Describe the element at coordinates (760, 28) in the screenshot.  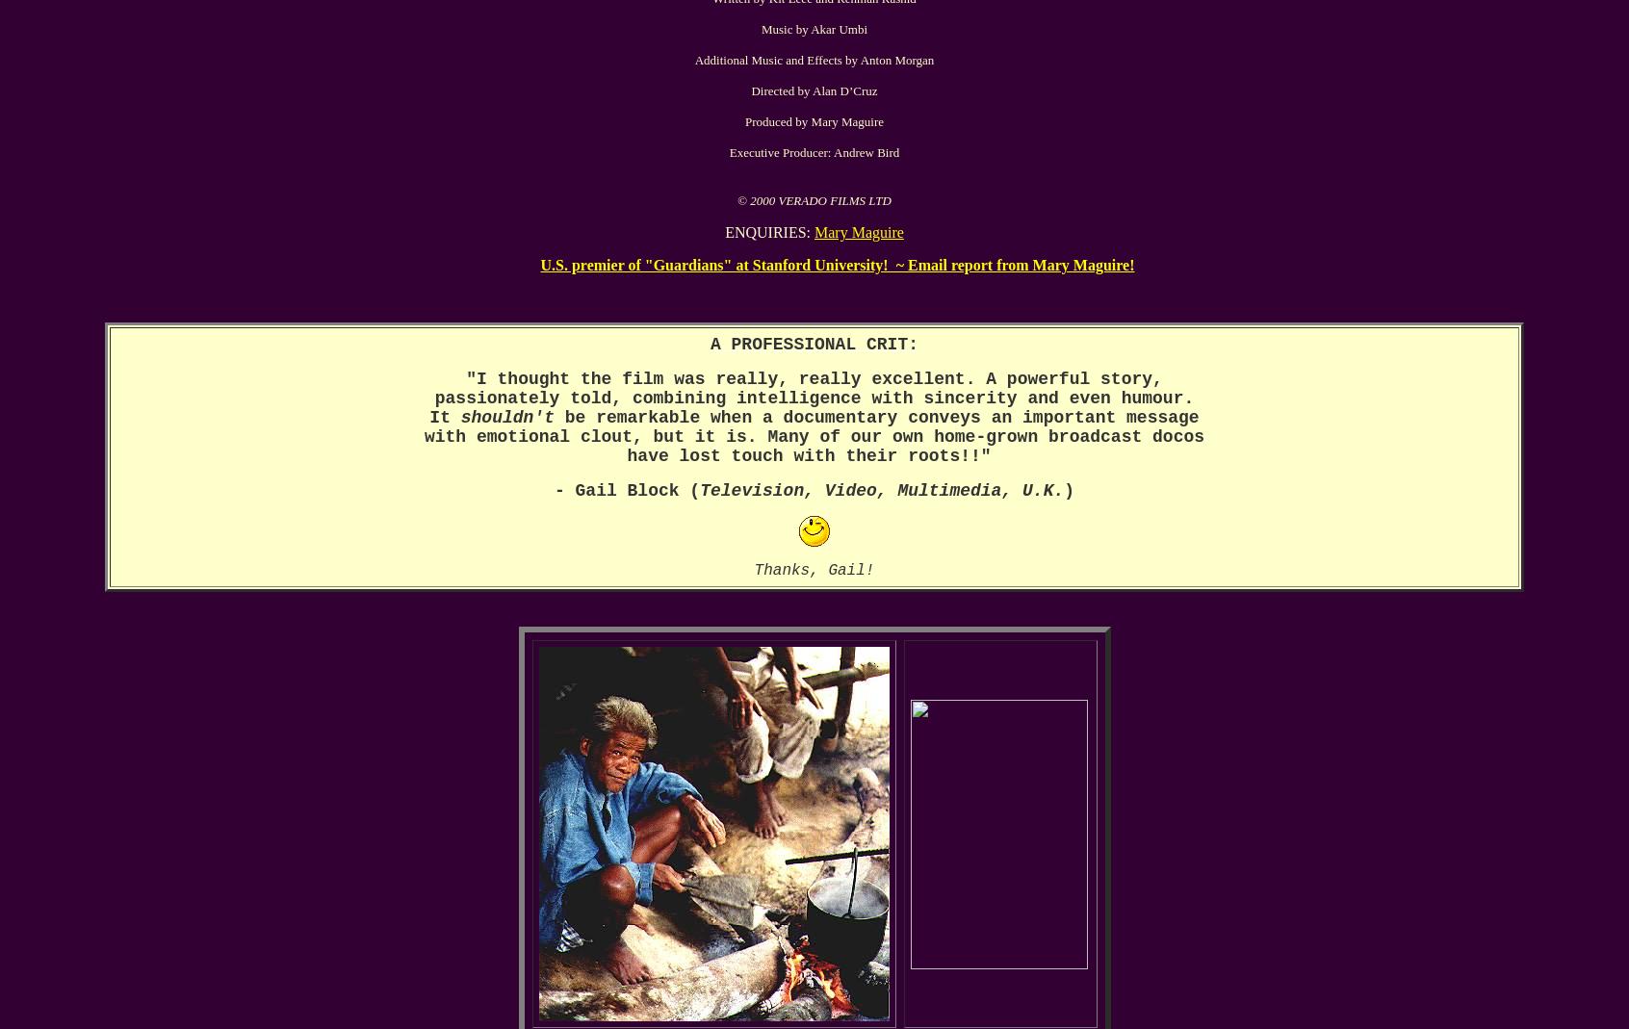
I see `'Music by Akar Umbi'` at that location.